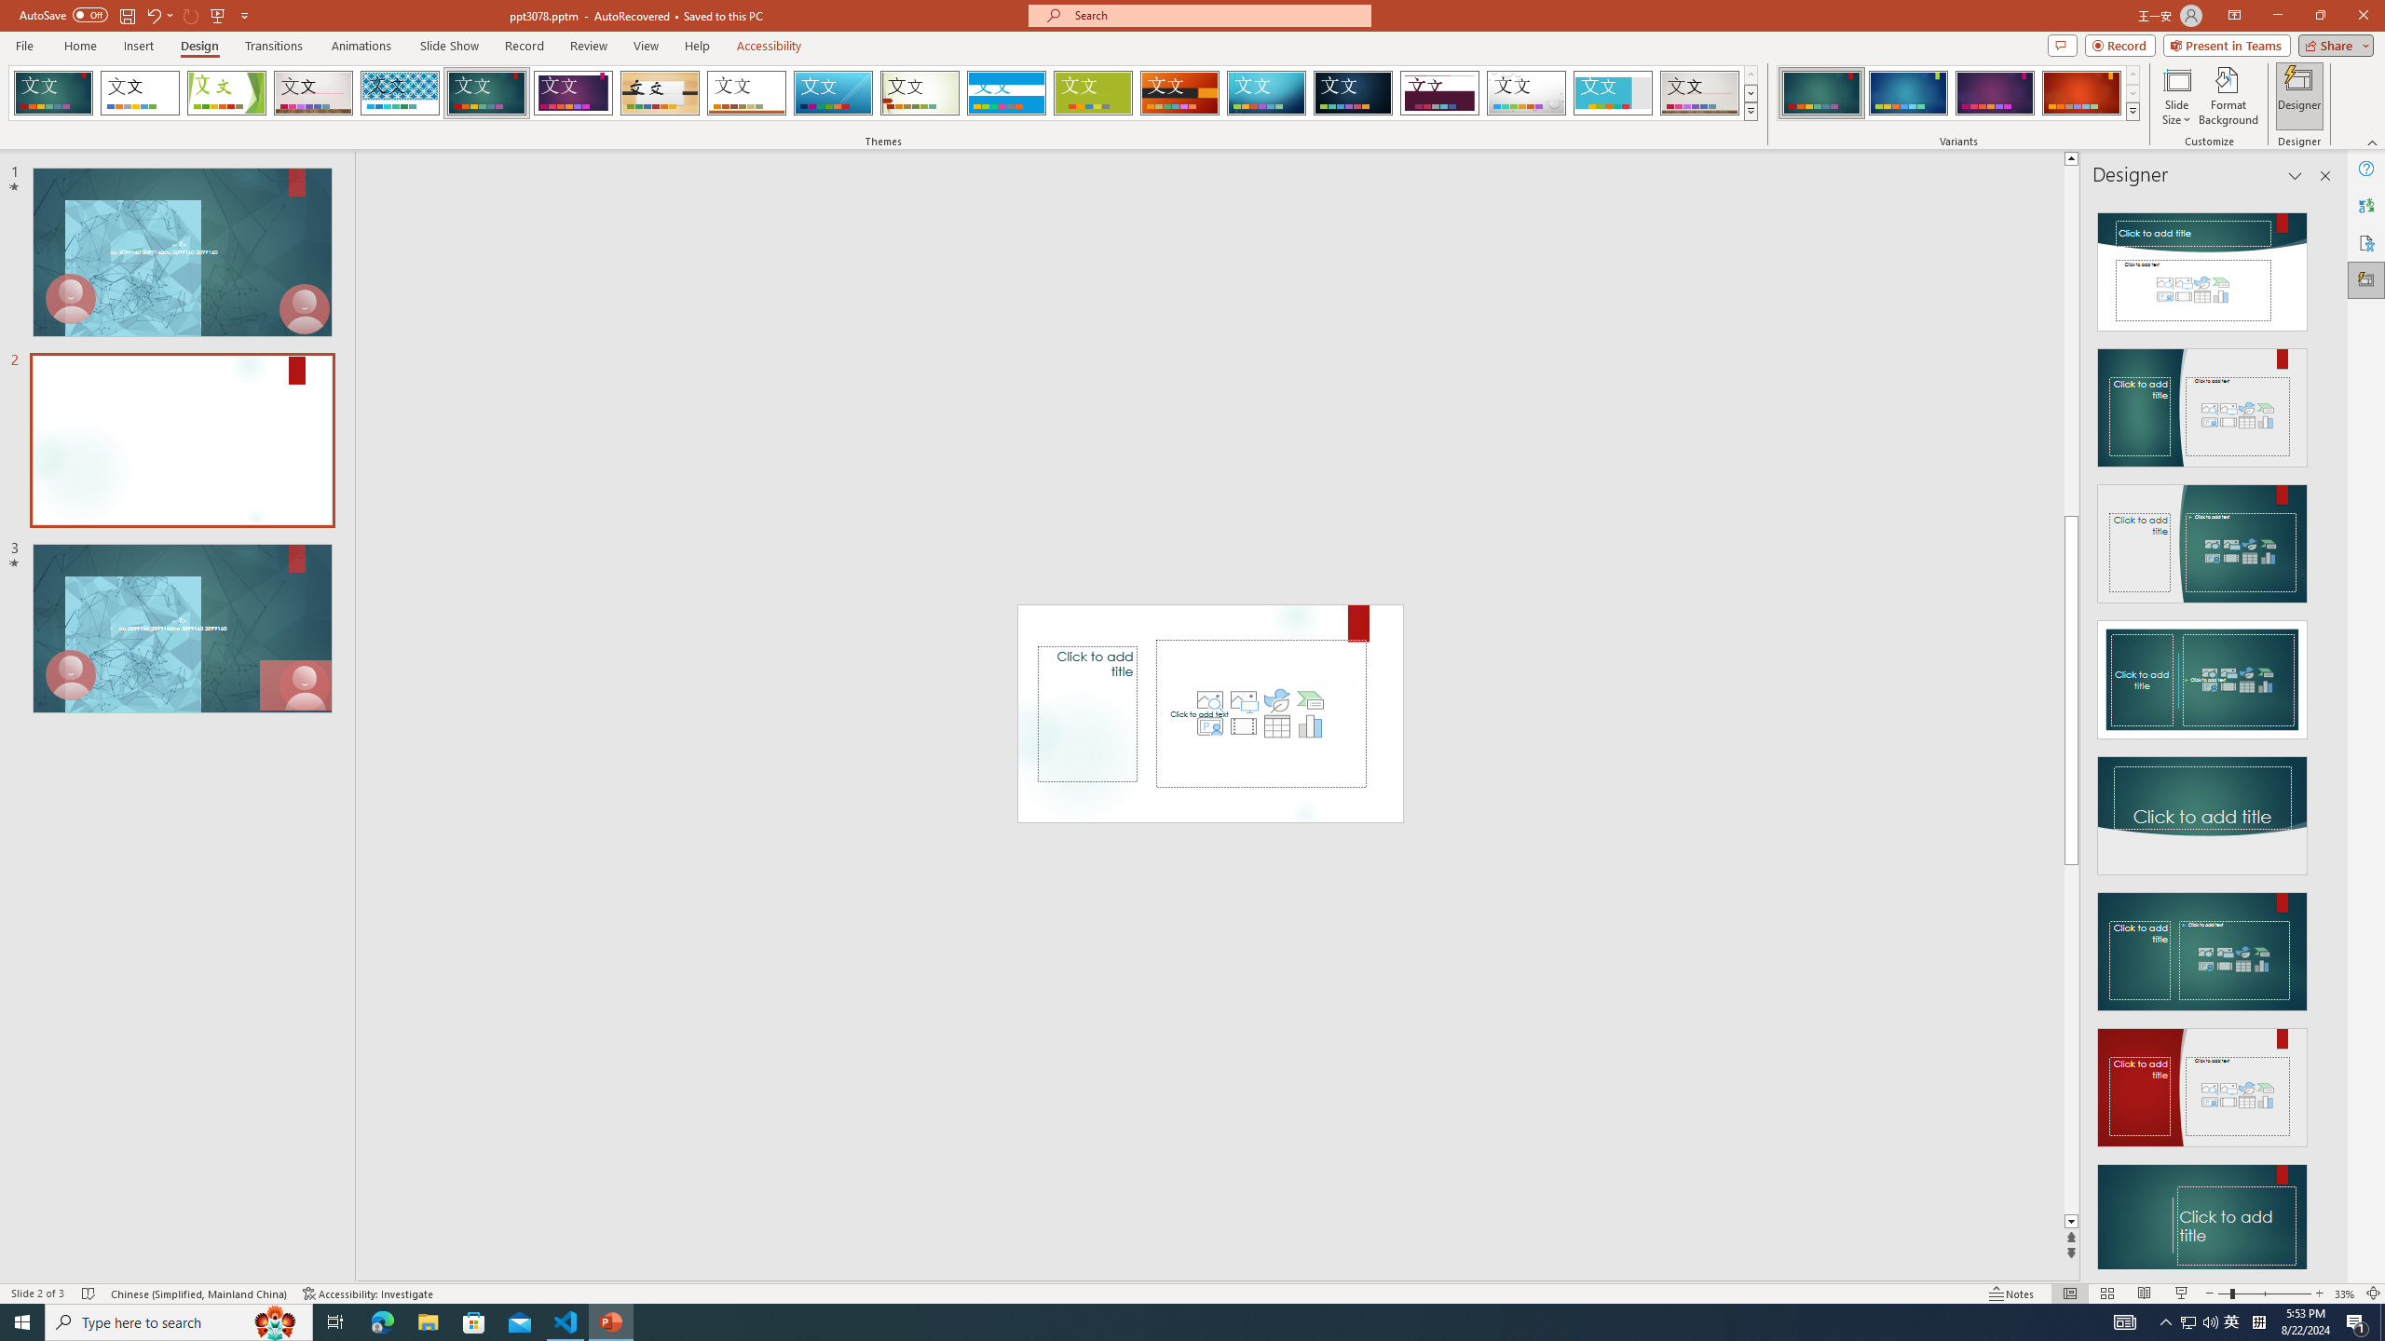 This screenshot has width=2385, height=1341. I want to click on 'Facet', so click(225, 92).